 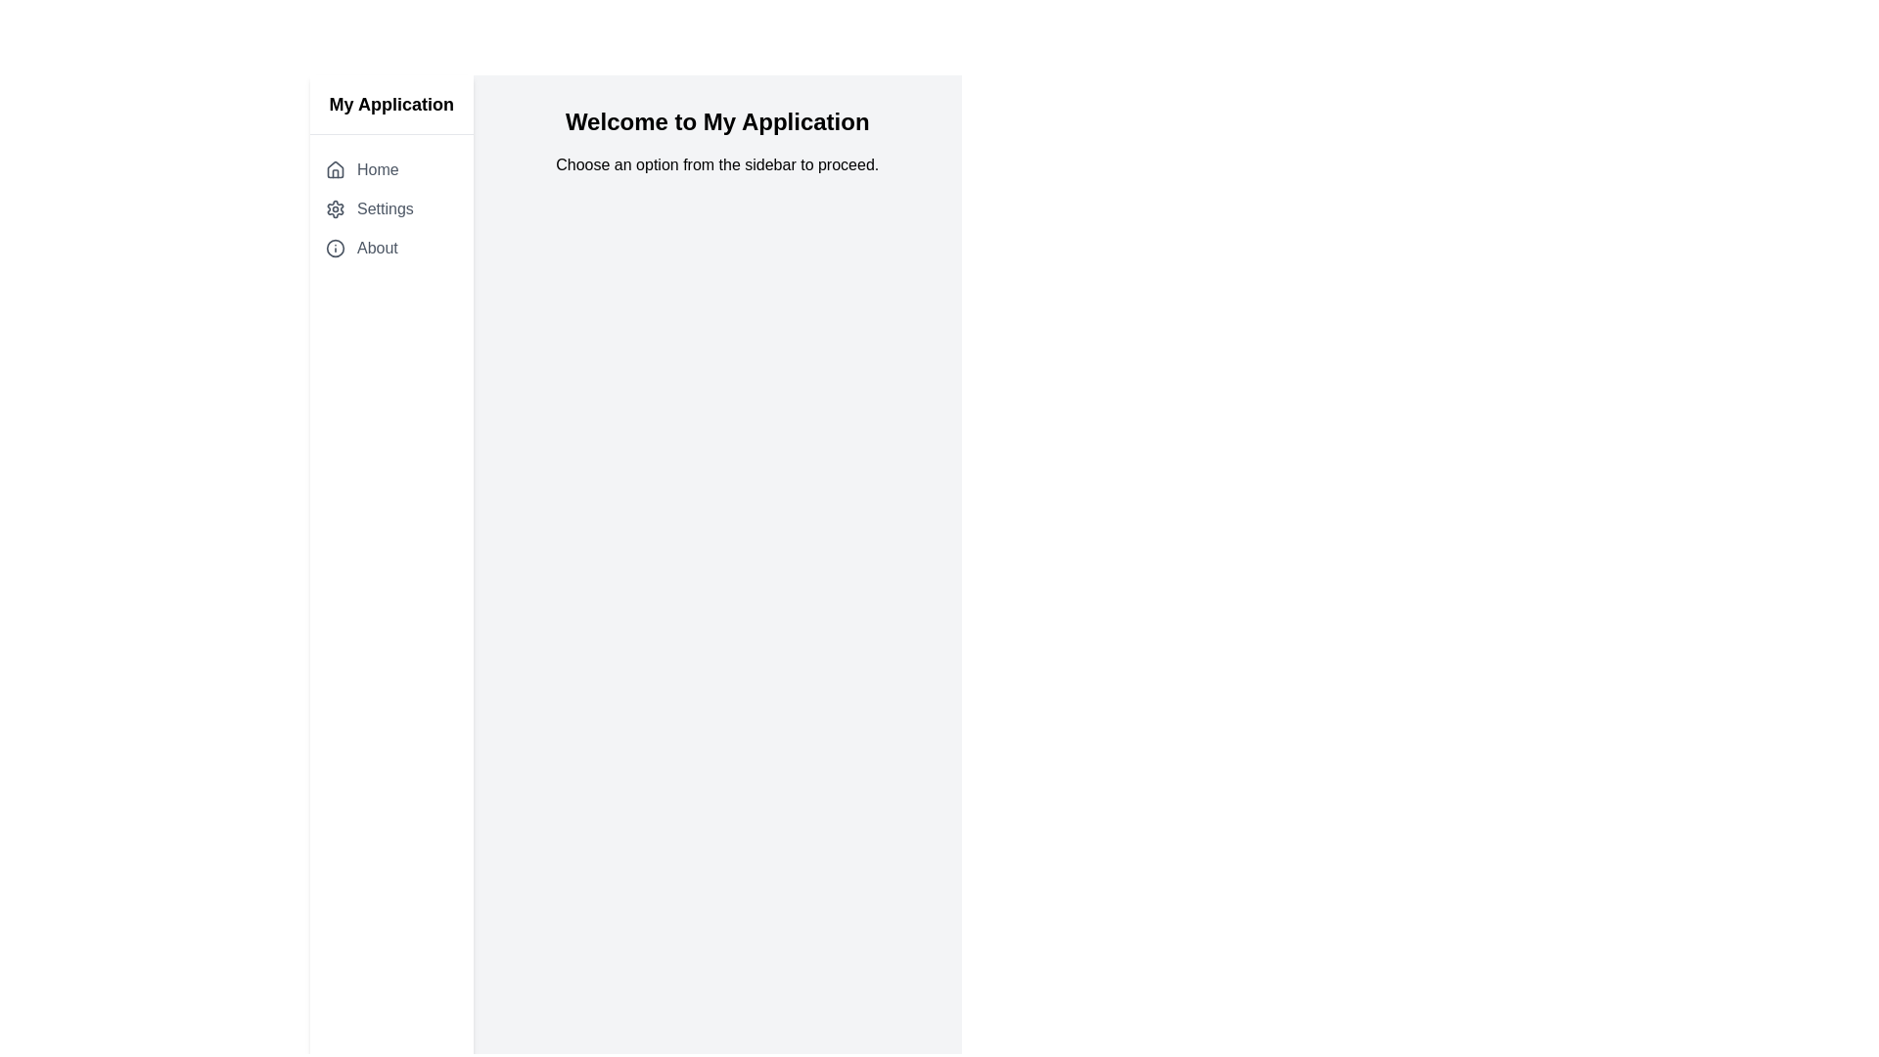 What do you see at coordinates (335, 168) in the screenshot?
I see `the house icon located in the sidebar menu next` at bounding box center [335, 168].